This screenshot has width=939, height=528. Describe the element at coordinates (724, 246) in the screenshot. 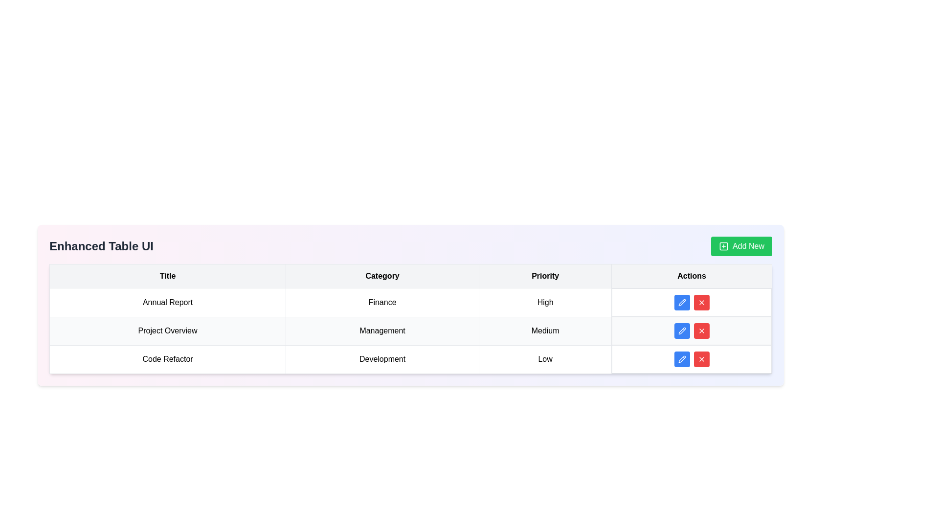

I see `the square-shaped icon with a plus sign in the center, which is part of the 'Add New' button located in the top-right corner of the main interface` at that location.